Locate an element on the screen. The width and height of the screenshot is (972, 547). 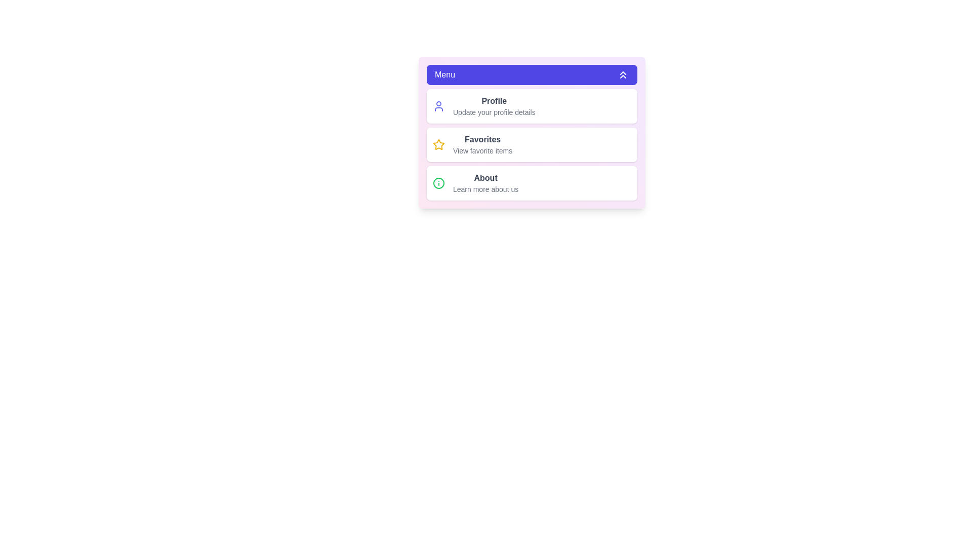
the menu item Favorites is located at coordinates (532, 144).